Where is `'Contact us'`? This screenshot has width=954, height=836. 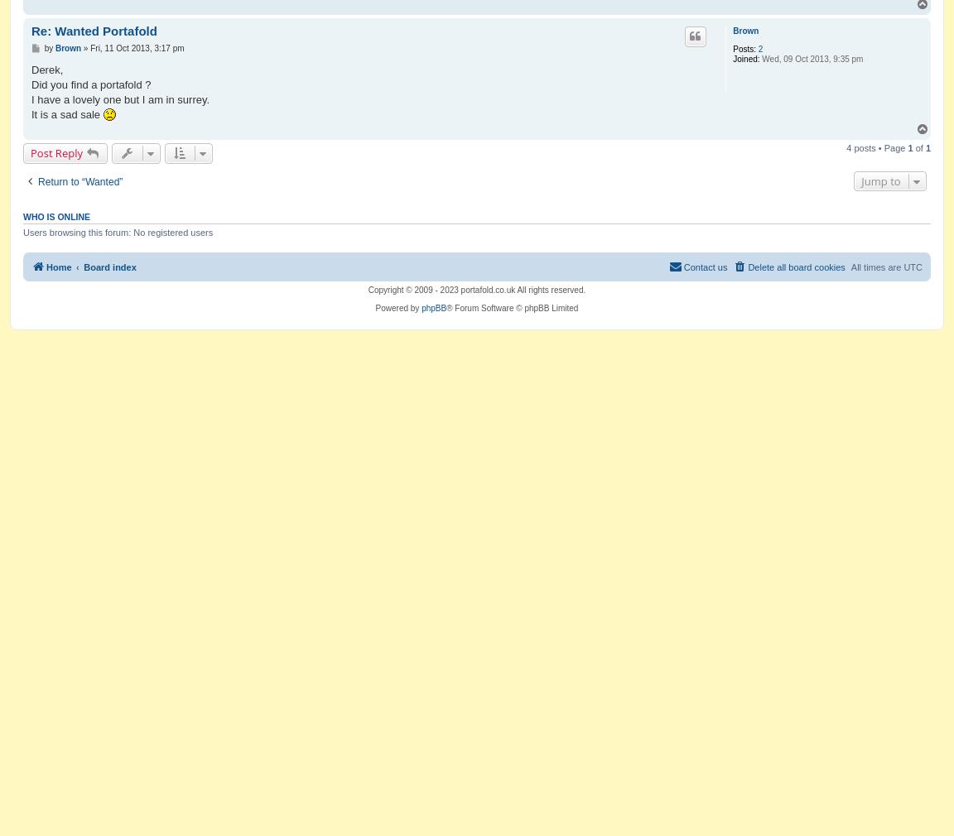
'Contact us' is located at coordinates (705, 266).